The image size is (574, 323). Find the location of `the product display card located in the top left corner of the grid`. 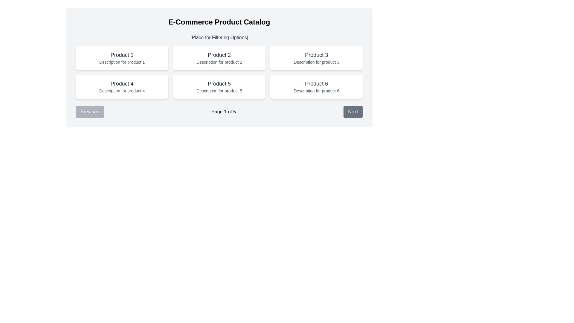

the product display card located in the top left corner of the grid is located at coordinates (122, 58).